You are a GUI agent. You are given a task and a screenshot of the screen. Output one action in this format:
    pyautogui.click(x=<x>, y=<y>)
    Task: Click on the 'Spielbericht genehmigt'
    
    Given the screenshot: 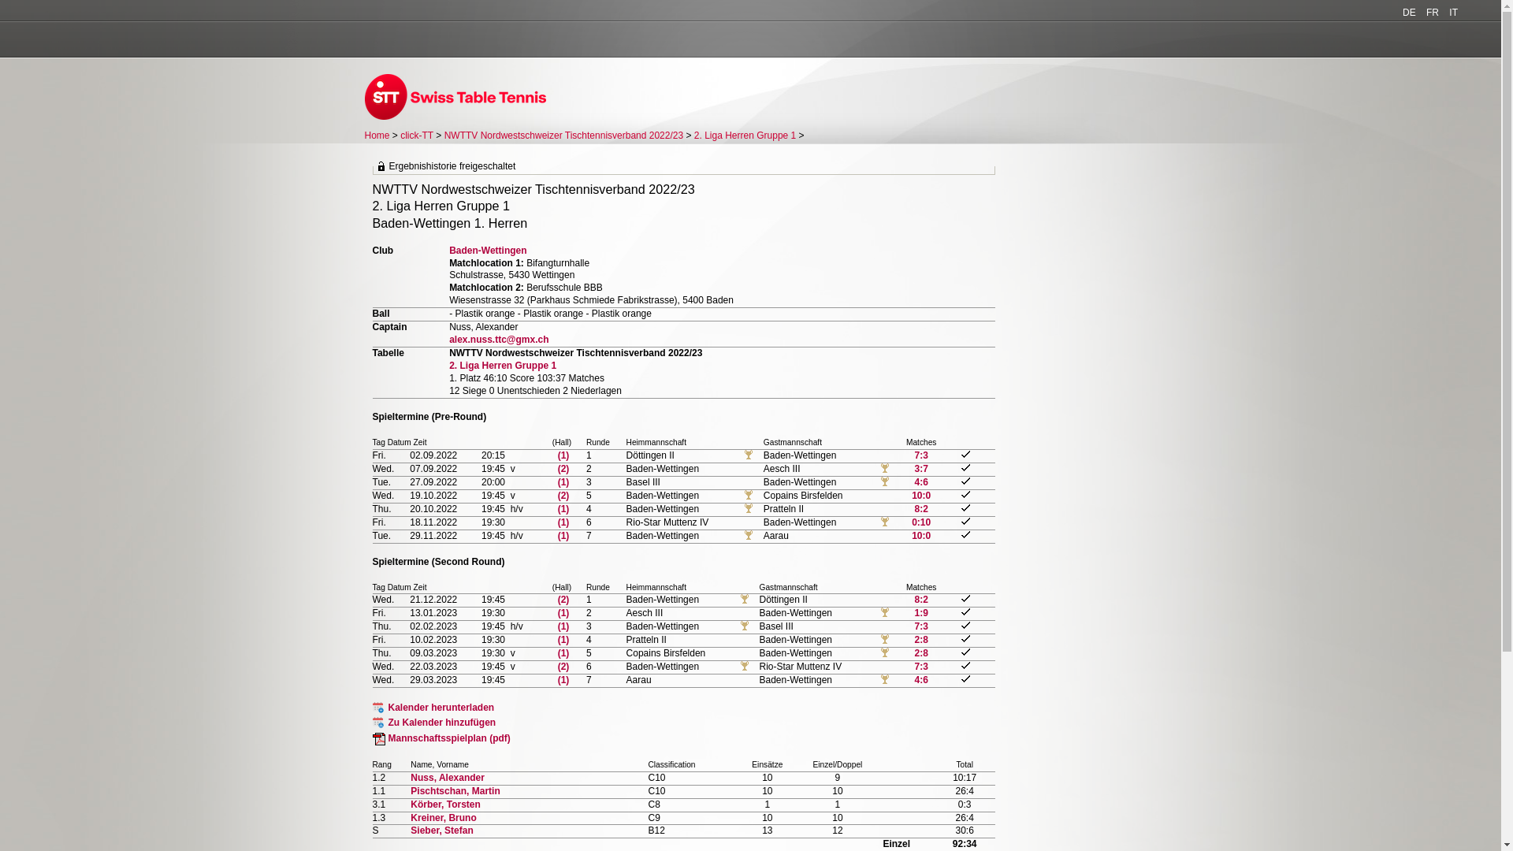 What is the action you would take?
    pyautogui.click(x=965, y=521)
    